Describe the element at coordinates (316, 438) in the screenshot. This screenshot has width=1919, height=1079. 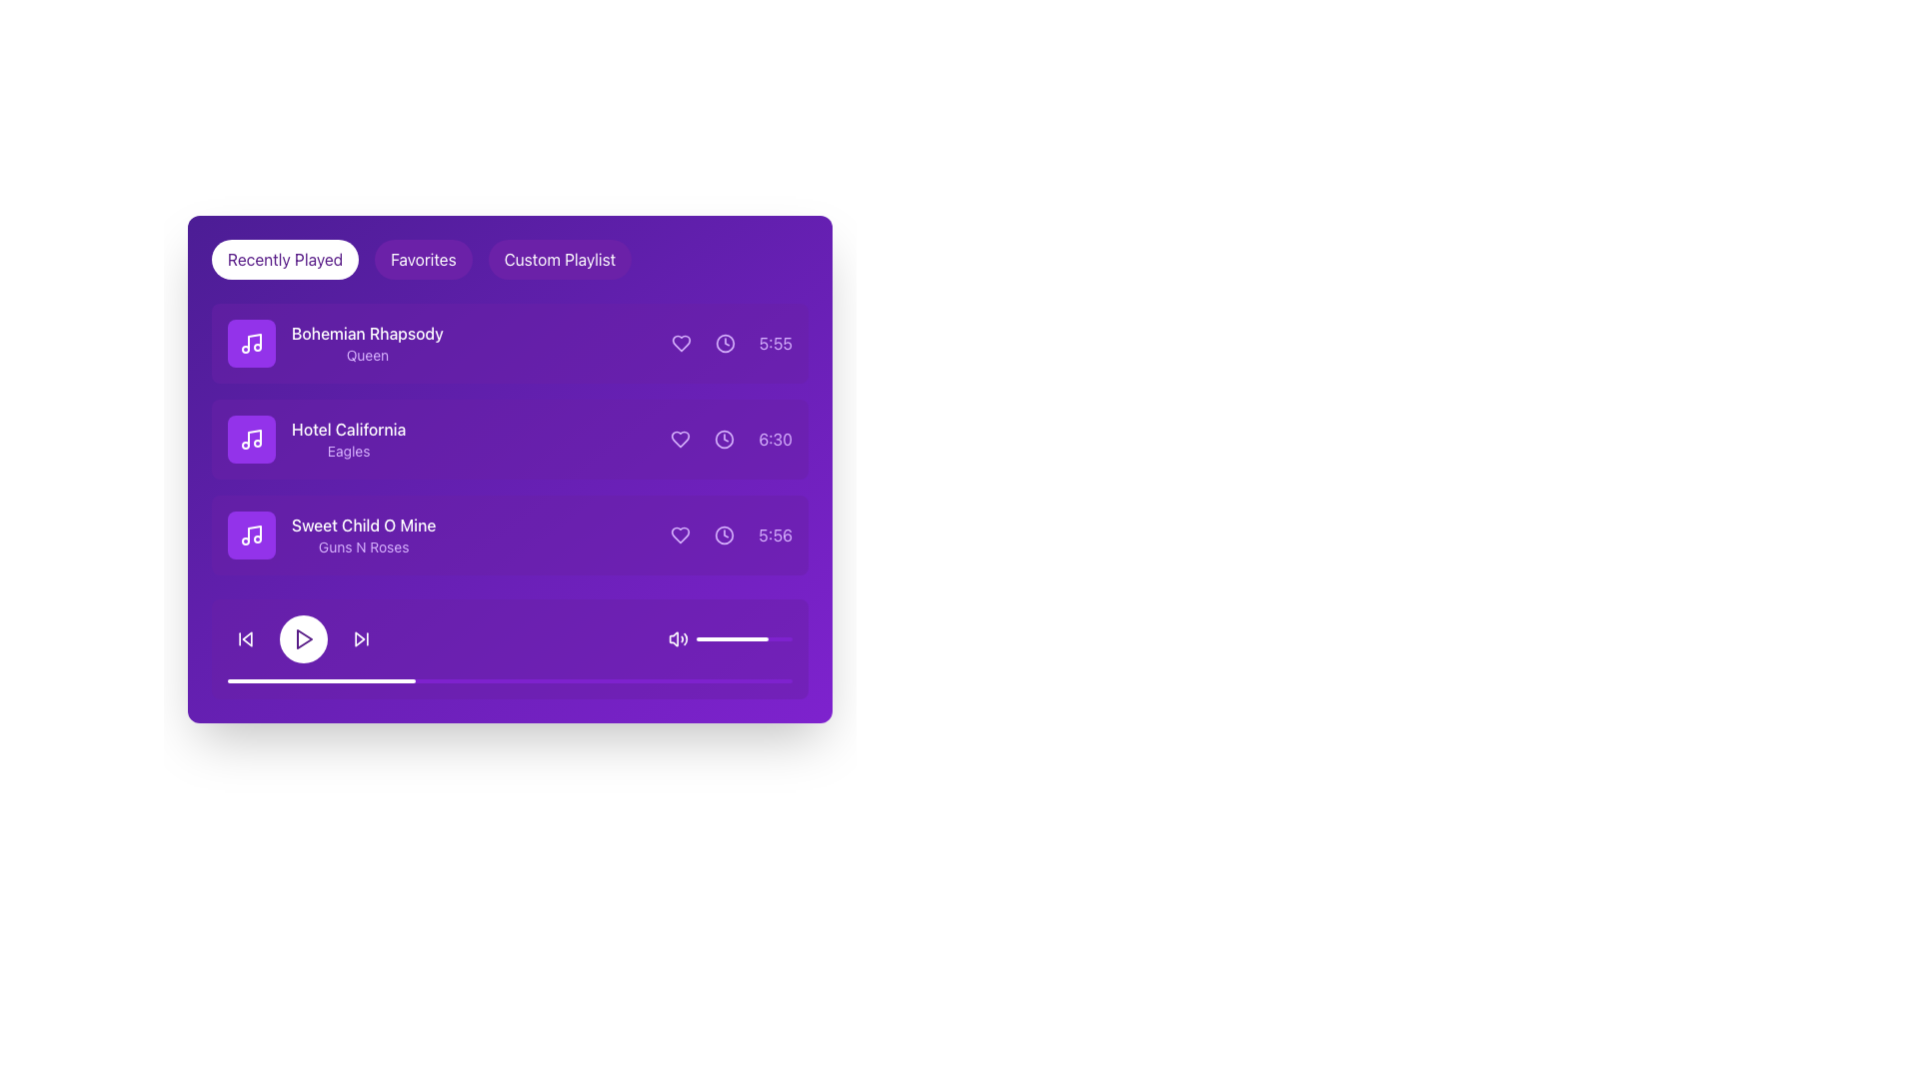
I see `on the text label for the music track 'Hotel California' by the artist 'Eagles'` at that location.